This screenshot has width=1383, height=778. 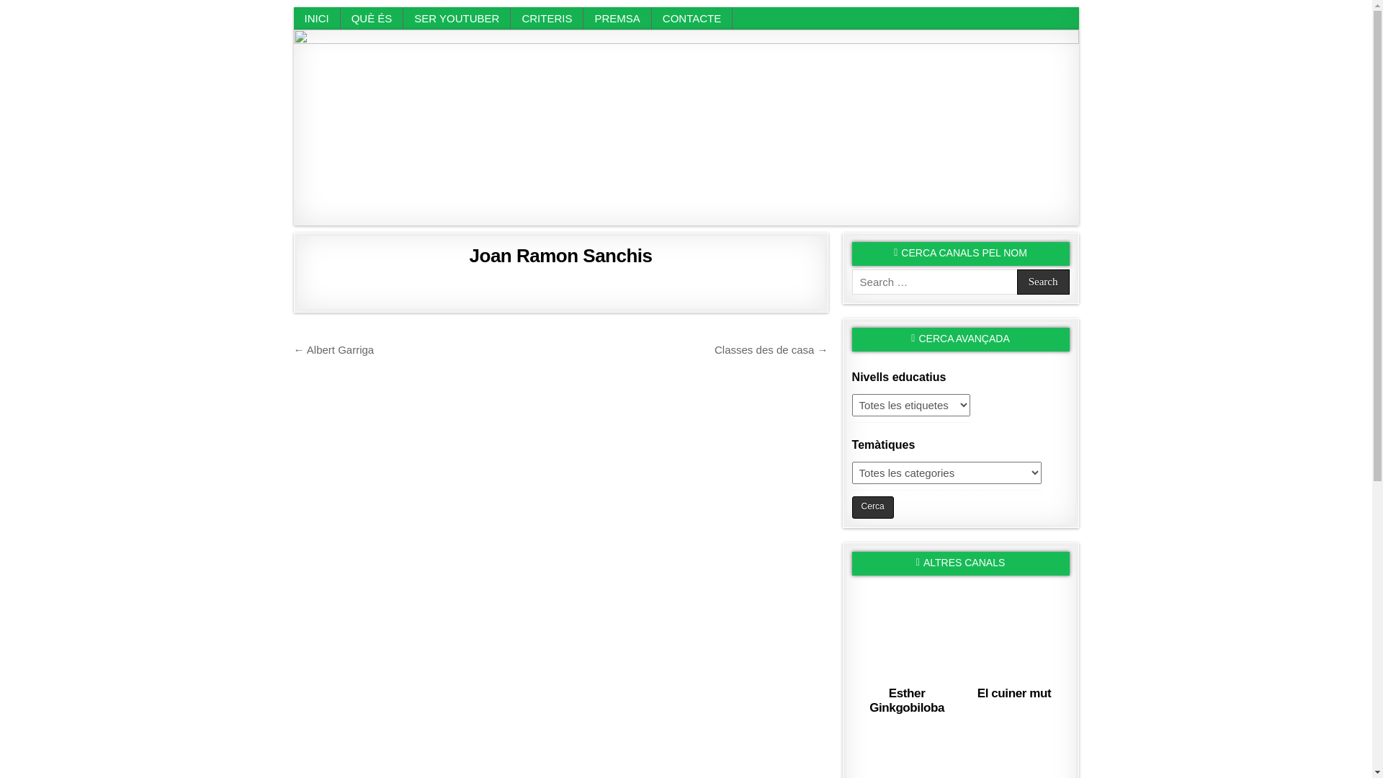 What do you see at coordinates (1043, 282) in the screenshot?
I see `'Search'` at bounding box center [1043, 282].